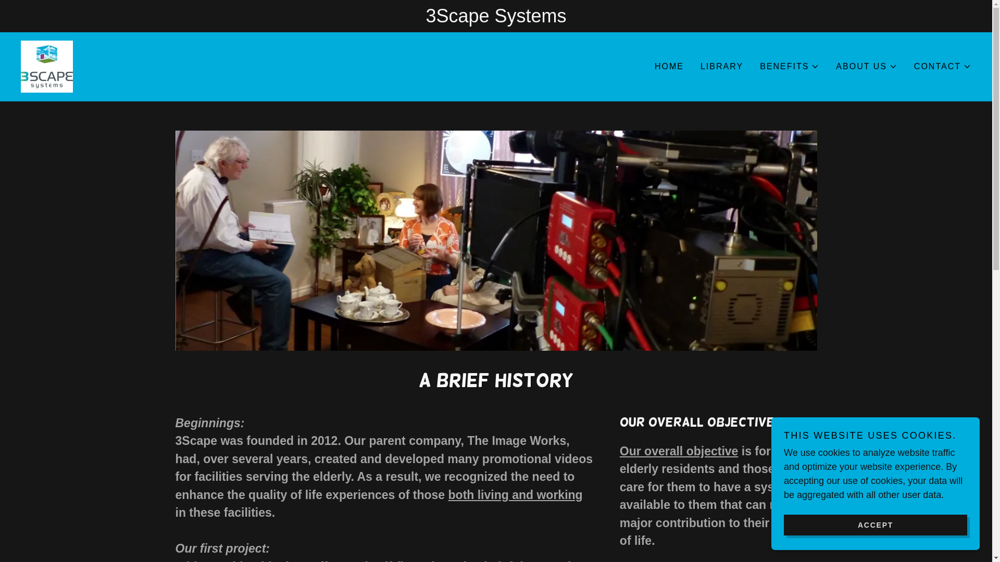 The height and width of the screenshot is (562, 1000). Describe the element at coordinates (875, 524) in the screenshot. I see `'ACCEPT'` at that location.